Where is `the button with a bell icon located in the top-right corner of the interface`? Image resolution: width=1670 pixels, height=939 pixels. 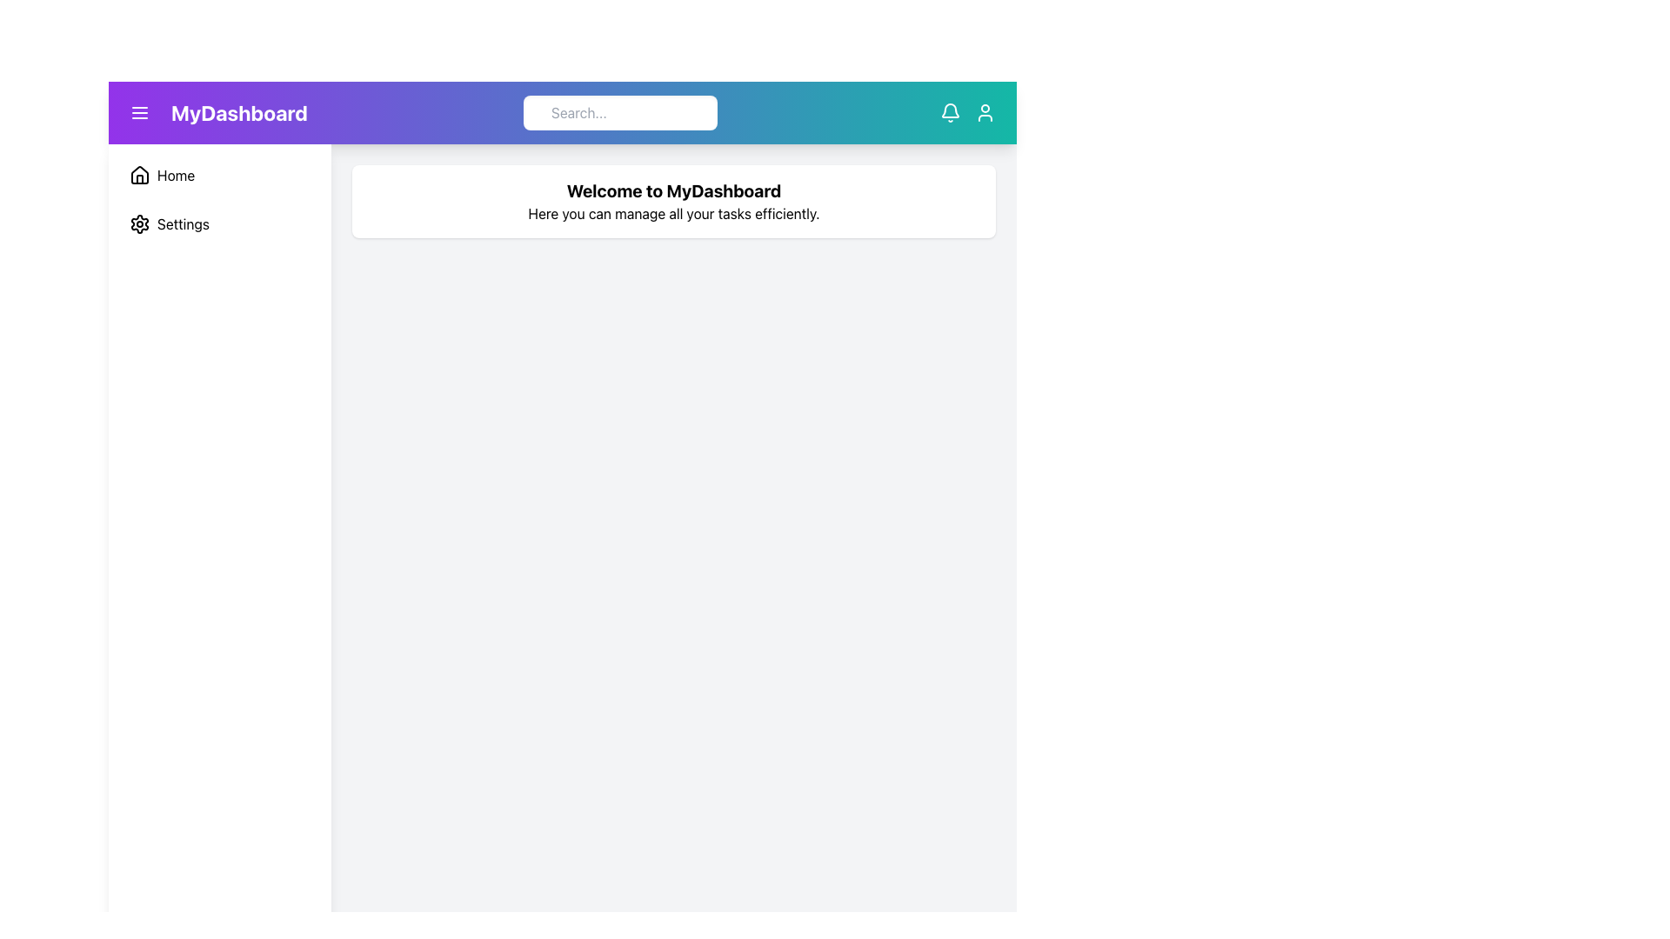
the button with a bell icon located in the top-right corner of the interface is located at coordinates (950, 113).